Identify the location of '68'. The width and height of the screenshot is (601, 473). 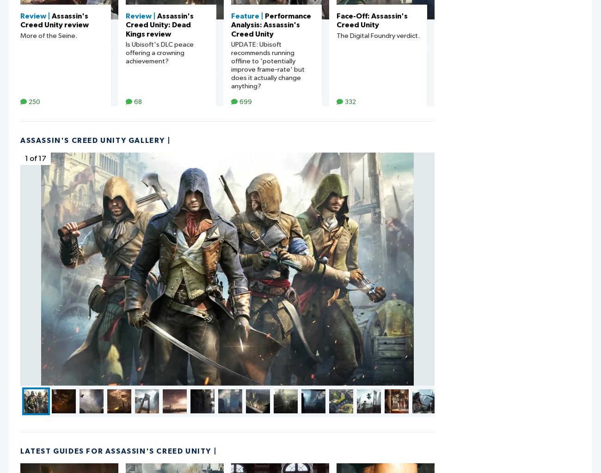
(138, 101).